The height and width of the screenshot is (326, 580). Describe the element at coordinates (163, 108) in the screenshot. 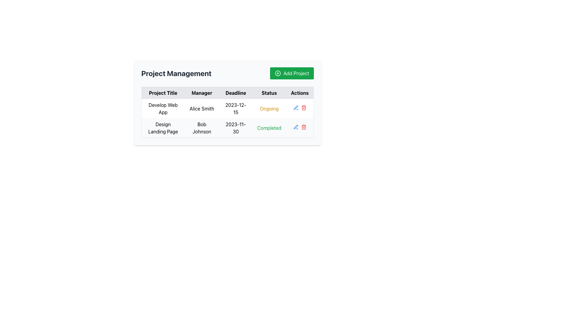

I see `the project title label located in the first cell of the 'Project Title' column in the task management table under the 'Project Management' header` at that location.